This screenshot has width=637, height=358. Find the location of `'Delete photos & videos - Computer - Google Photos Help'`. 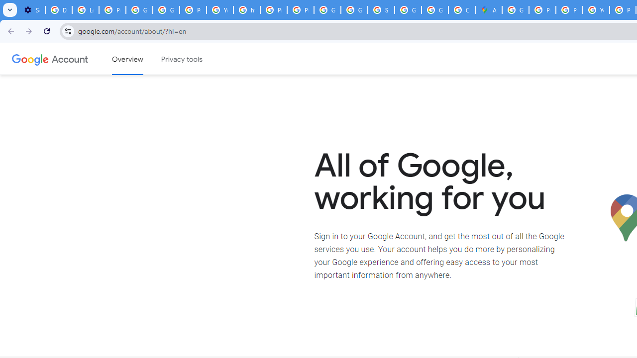

'Delete photos & videos - Computer - Google Photos Help' is located at coordinates (58, 10).